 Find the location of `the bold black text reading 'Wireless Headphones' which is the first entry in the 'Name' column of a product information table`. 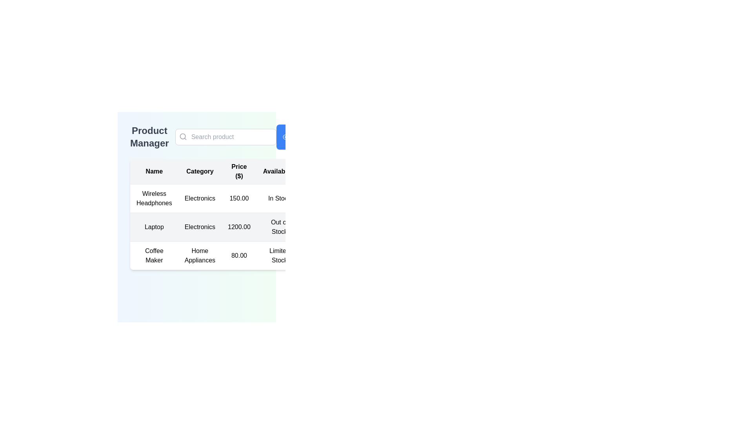

the bold black text reading 'Wireless Headphones' which is the first entry in the 'Name' column of a product information table is located at coordinates (154, 198).